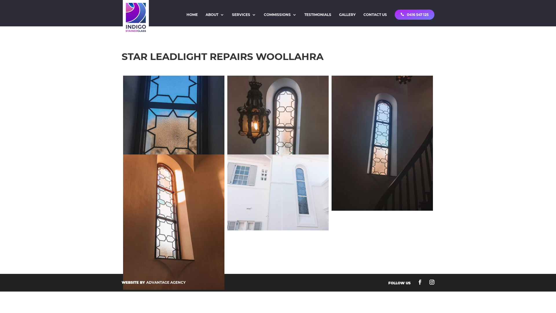 The width and height of the screenshot is (556, 313). What do you see at coordinates (375, 19) in the screenshot?
I see `'CONTACT US'` at bounding box center [375, 19].